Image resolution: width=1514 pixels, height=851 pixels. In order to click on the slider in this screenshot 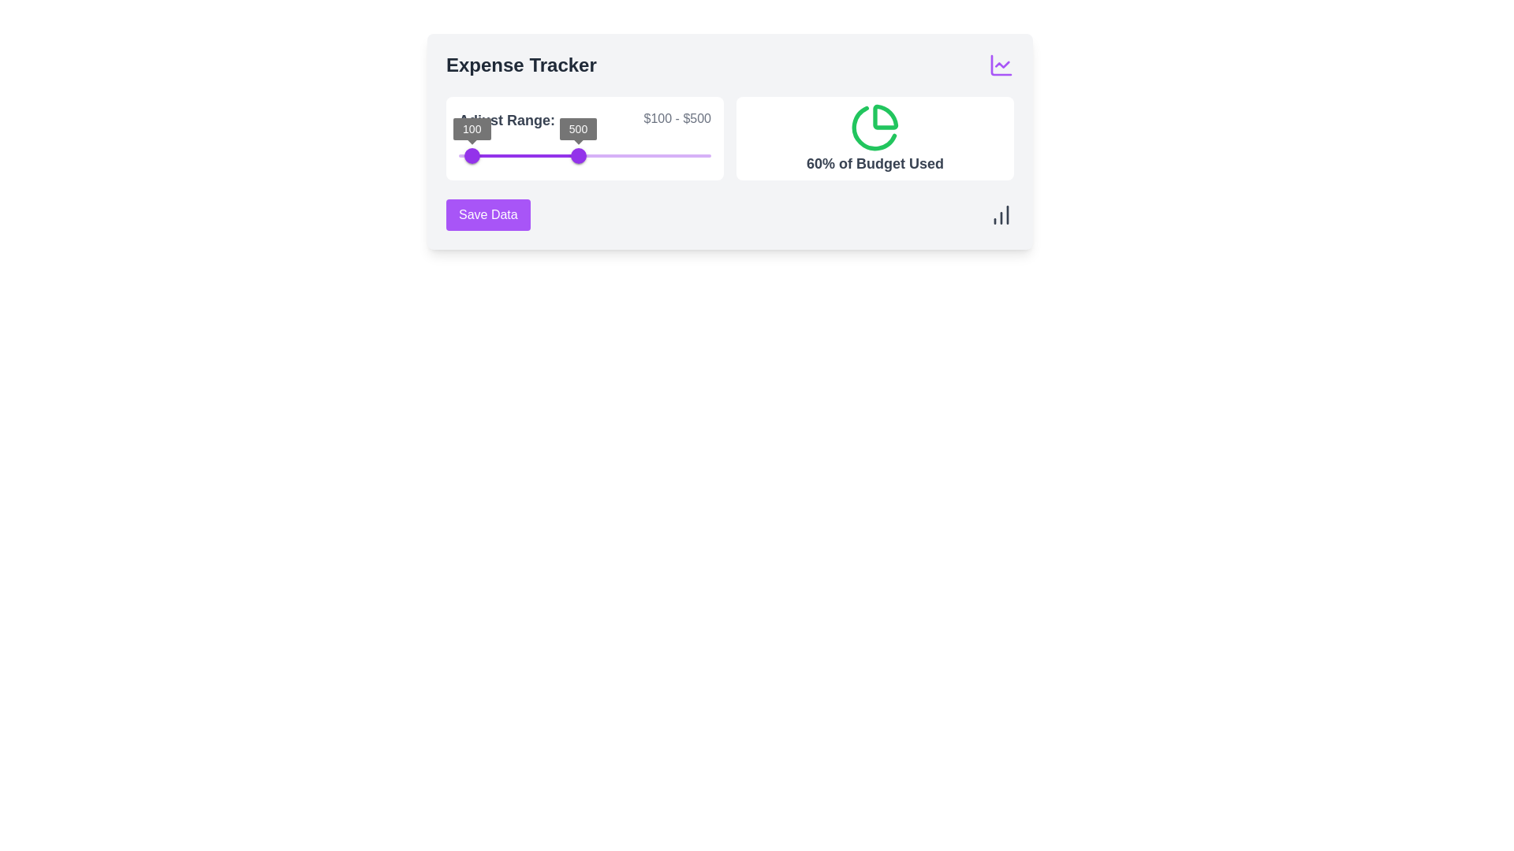, I will do `click(594, 155)`.